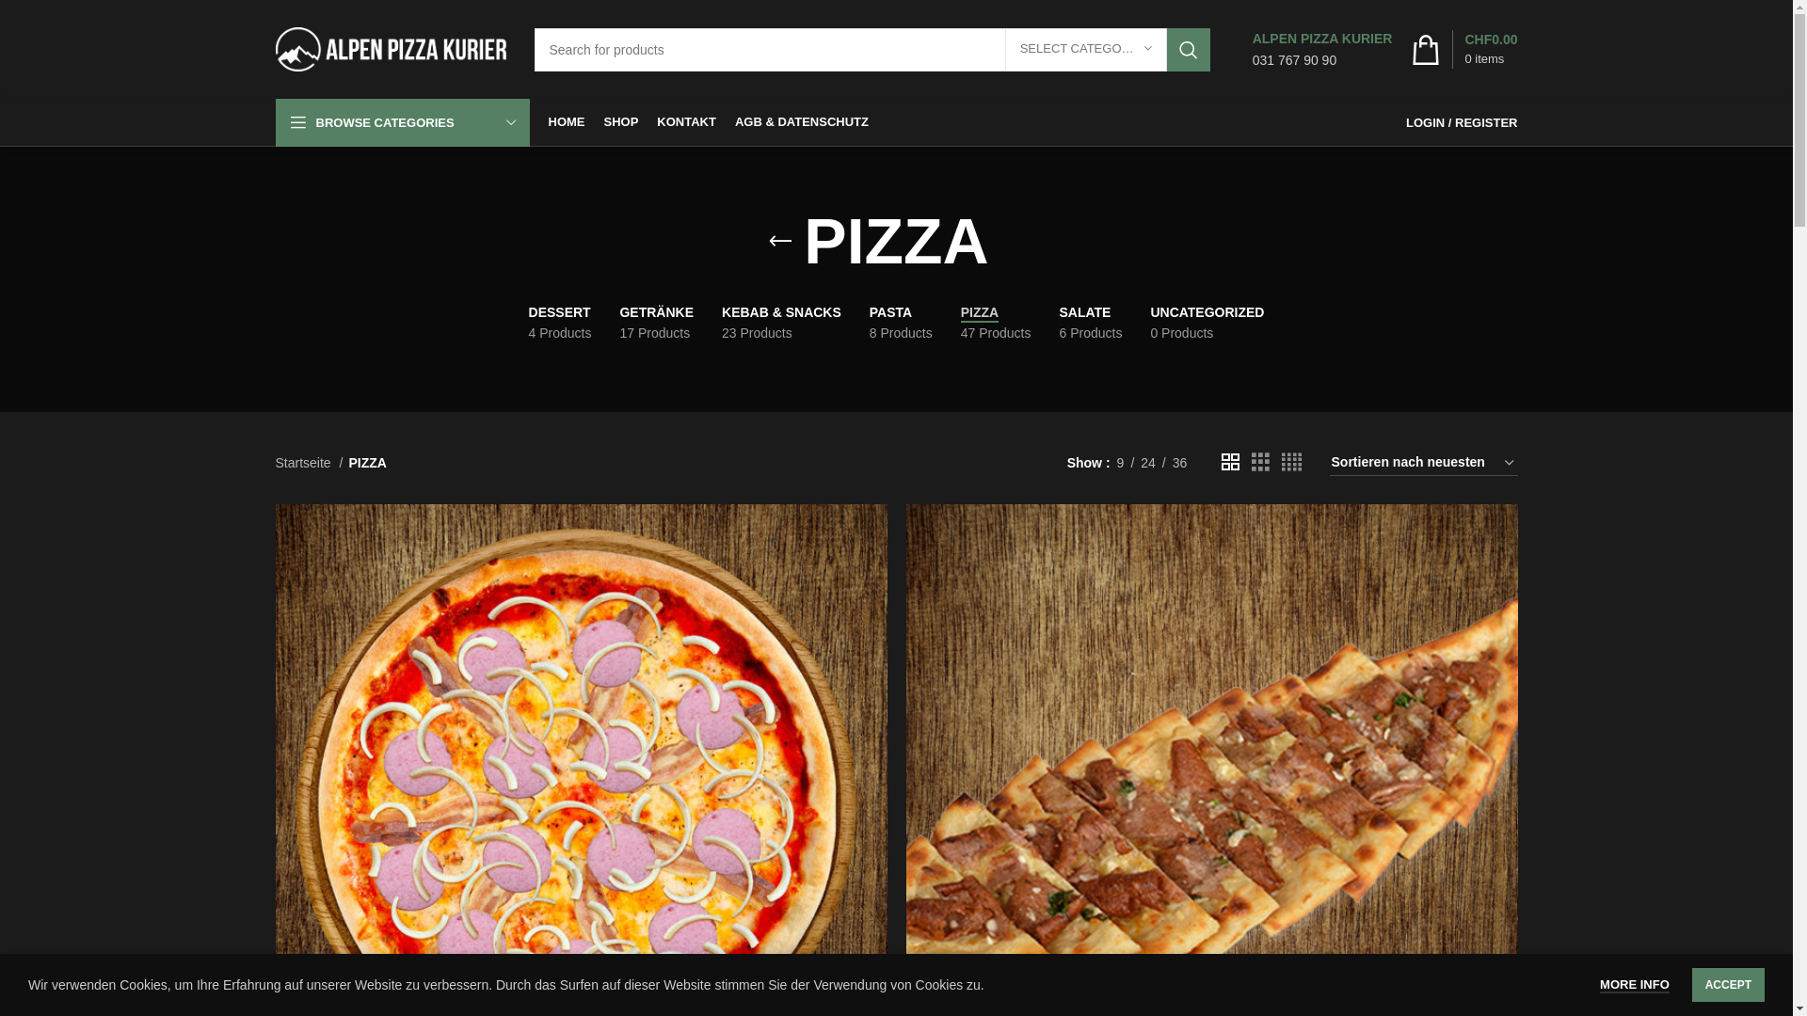 The width and height of the screenshot is (1807, 1016). I want to click on 'ACCEPT', so click(1728, 983).